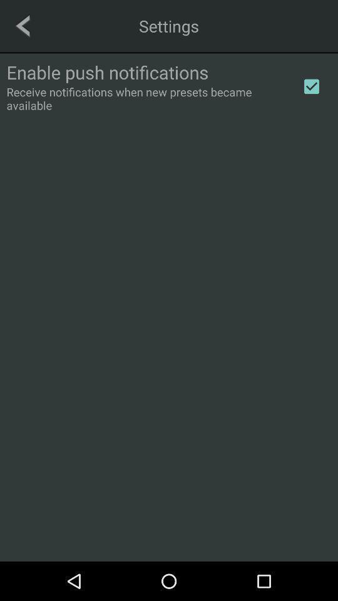 This screenshot has height=601, width=338. Describe the element at coordinates (23, 25) in the screenshot. I see `go back` at that location.